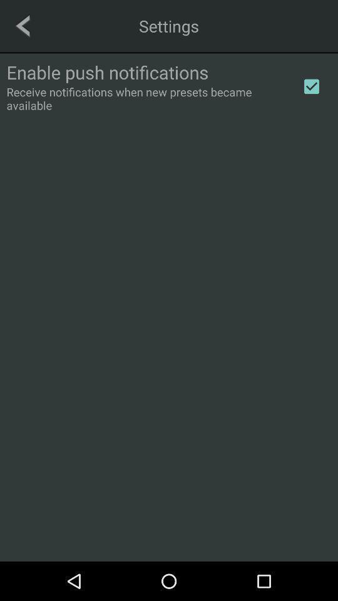 This screenshot has height=601, width=338. Describe the element at coordinates (23, 25) in the screenshot. I see `go back` at that location.